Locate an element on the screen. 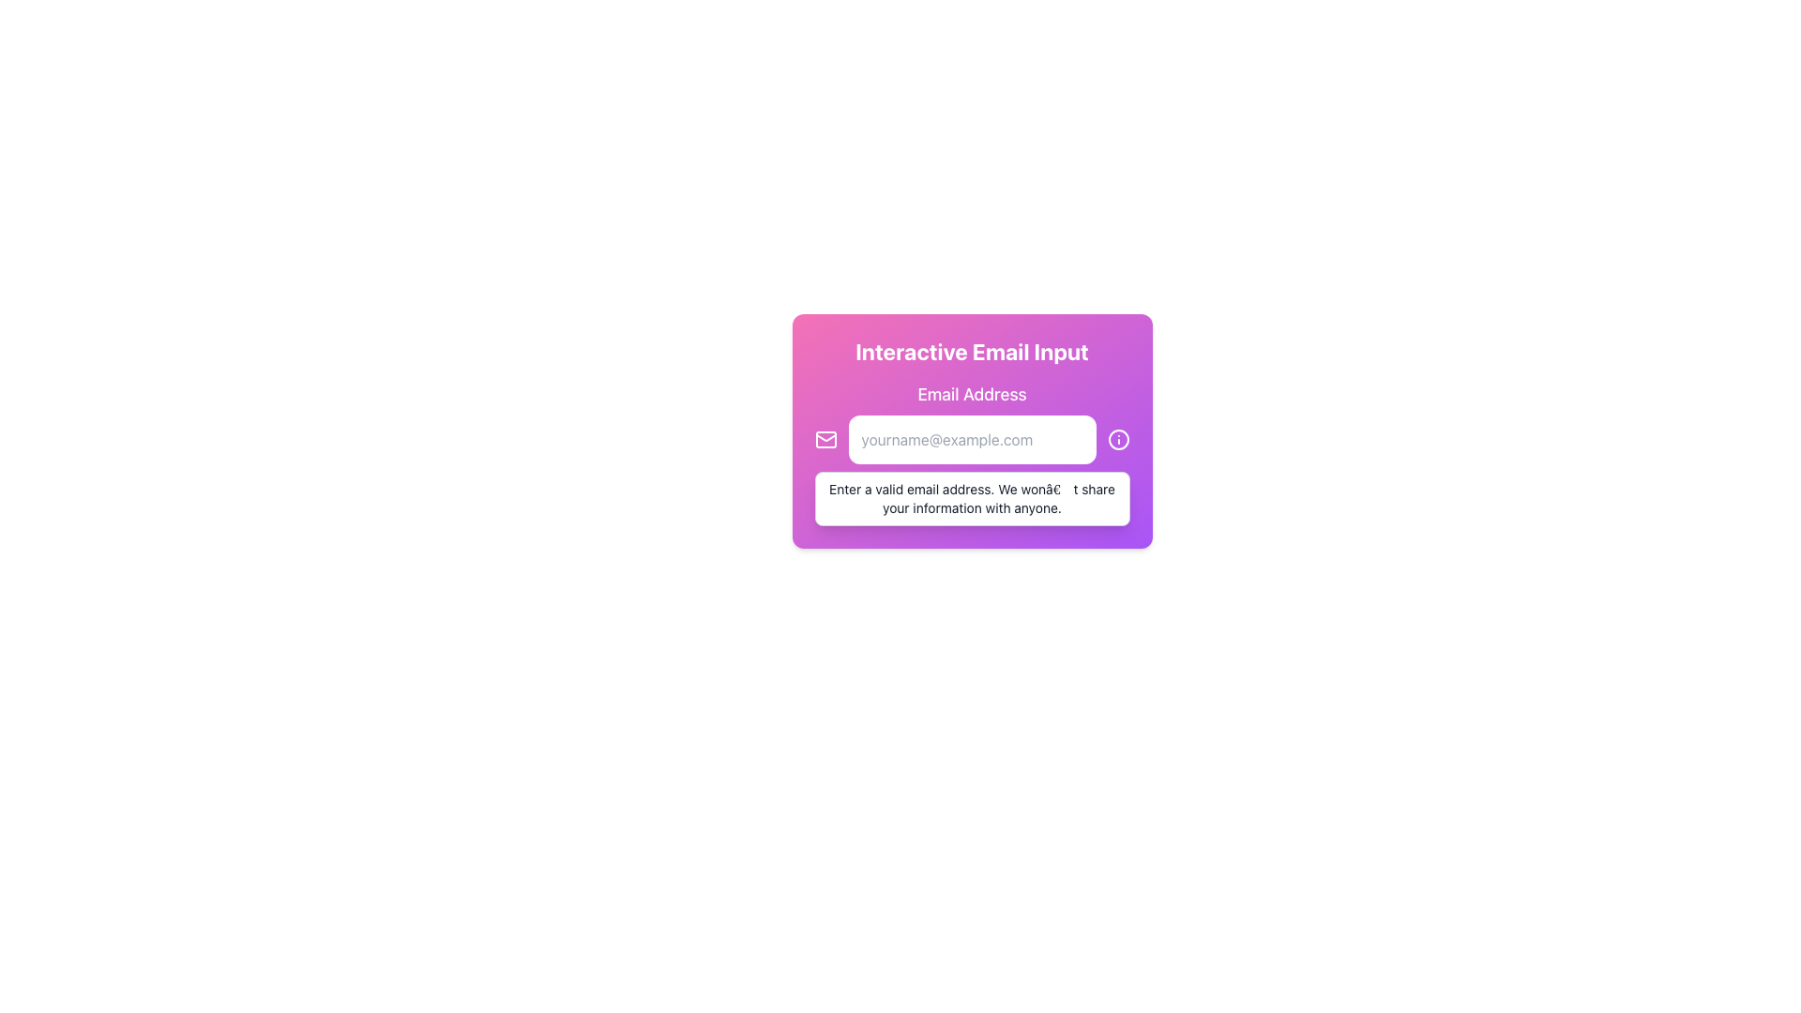 Image resolution: width=1801 pixels, height=1013 pixels. the large, bold, white text displaying 'Interactive Email Input' which is center-aligned and located above the 'Email Address' label is located at coordinates (972, 351).